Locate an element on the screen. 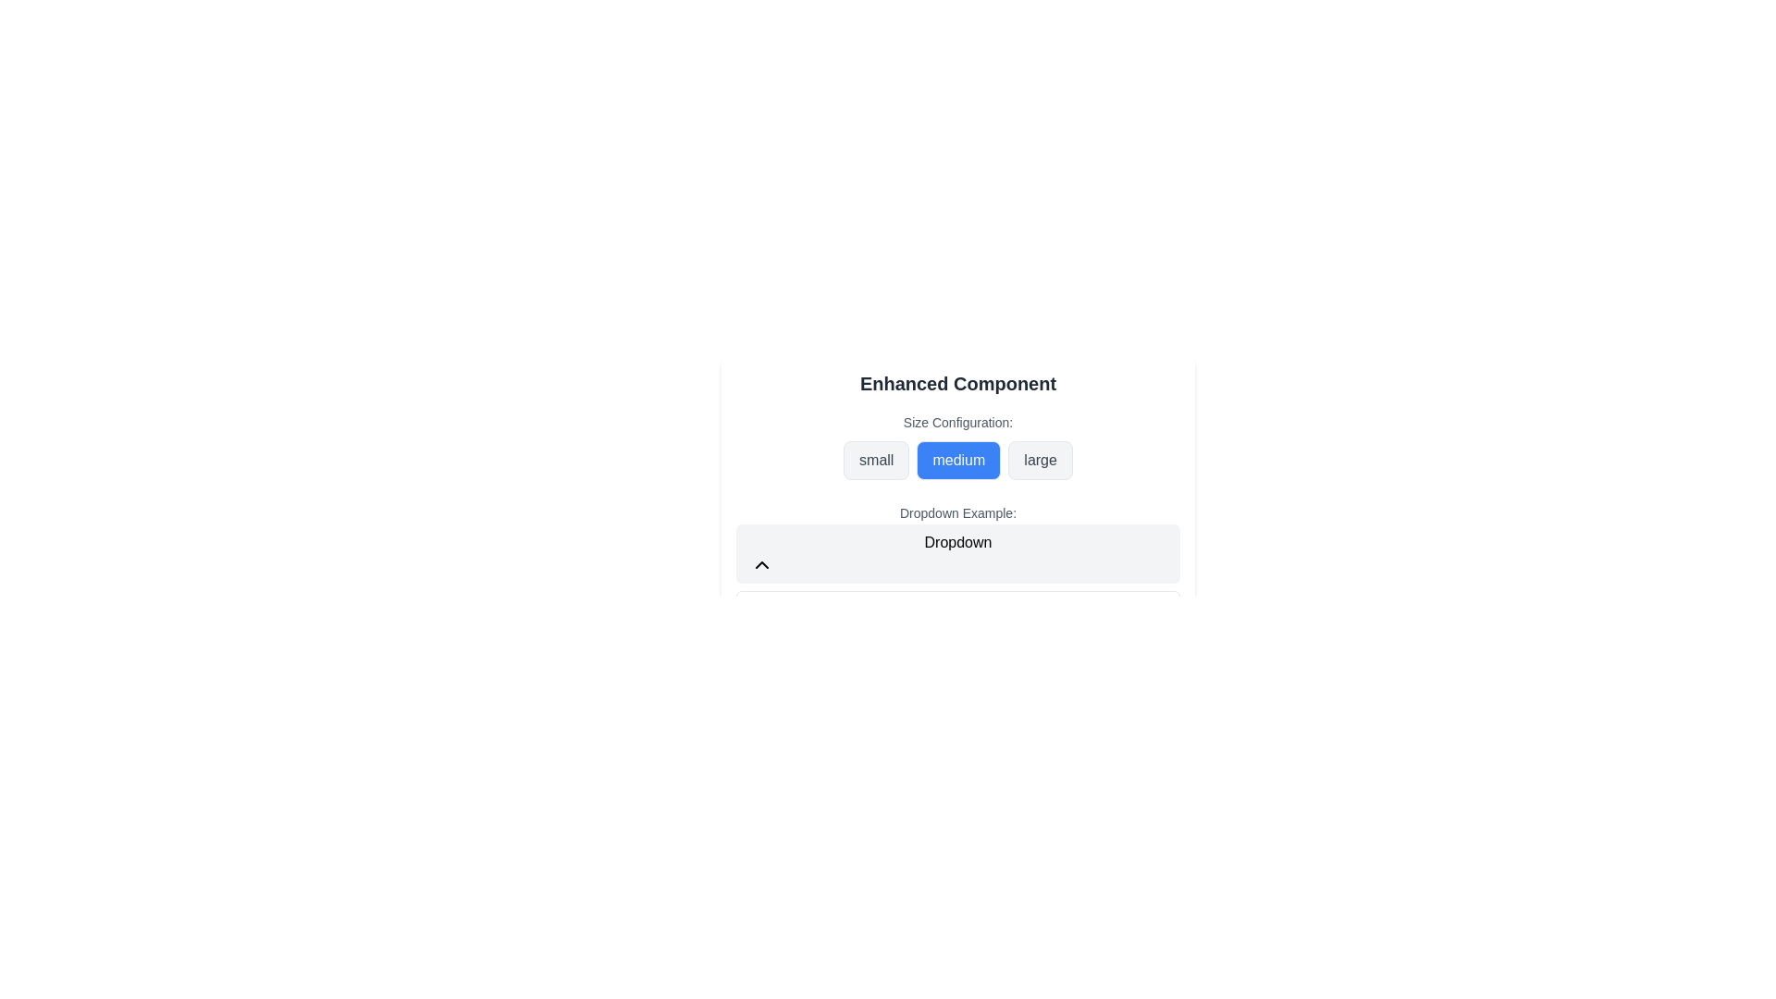 The height and width of the screenshot is (999, 1776). the 'medium' button, which is the second button in the size configuration section is located at coordinates (958, 459).